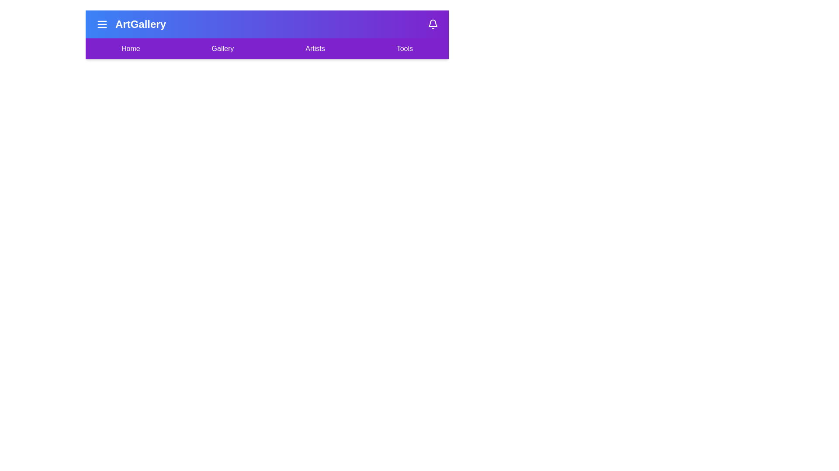 Image resolution: width=839 pixels, height=471 pixels. Describe the element at coordinates (315, 48) in the screenshot. I see `the menu item Artists to observe its hover effect` at that location.